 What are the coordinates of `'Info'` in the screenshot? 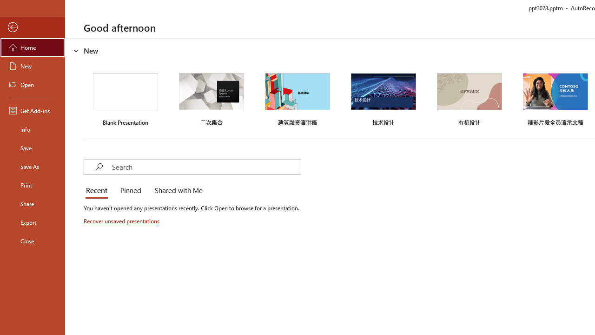 It's located at (32, 129).